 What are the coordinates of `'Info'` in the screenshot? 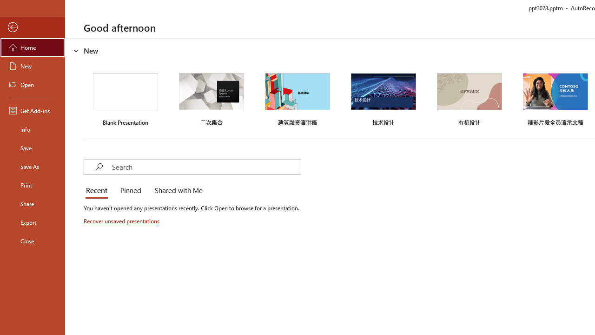 It's located at (32, 129).